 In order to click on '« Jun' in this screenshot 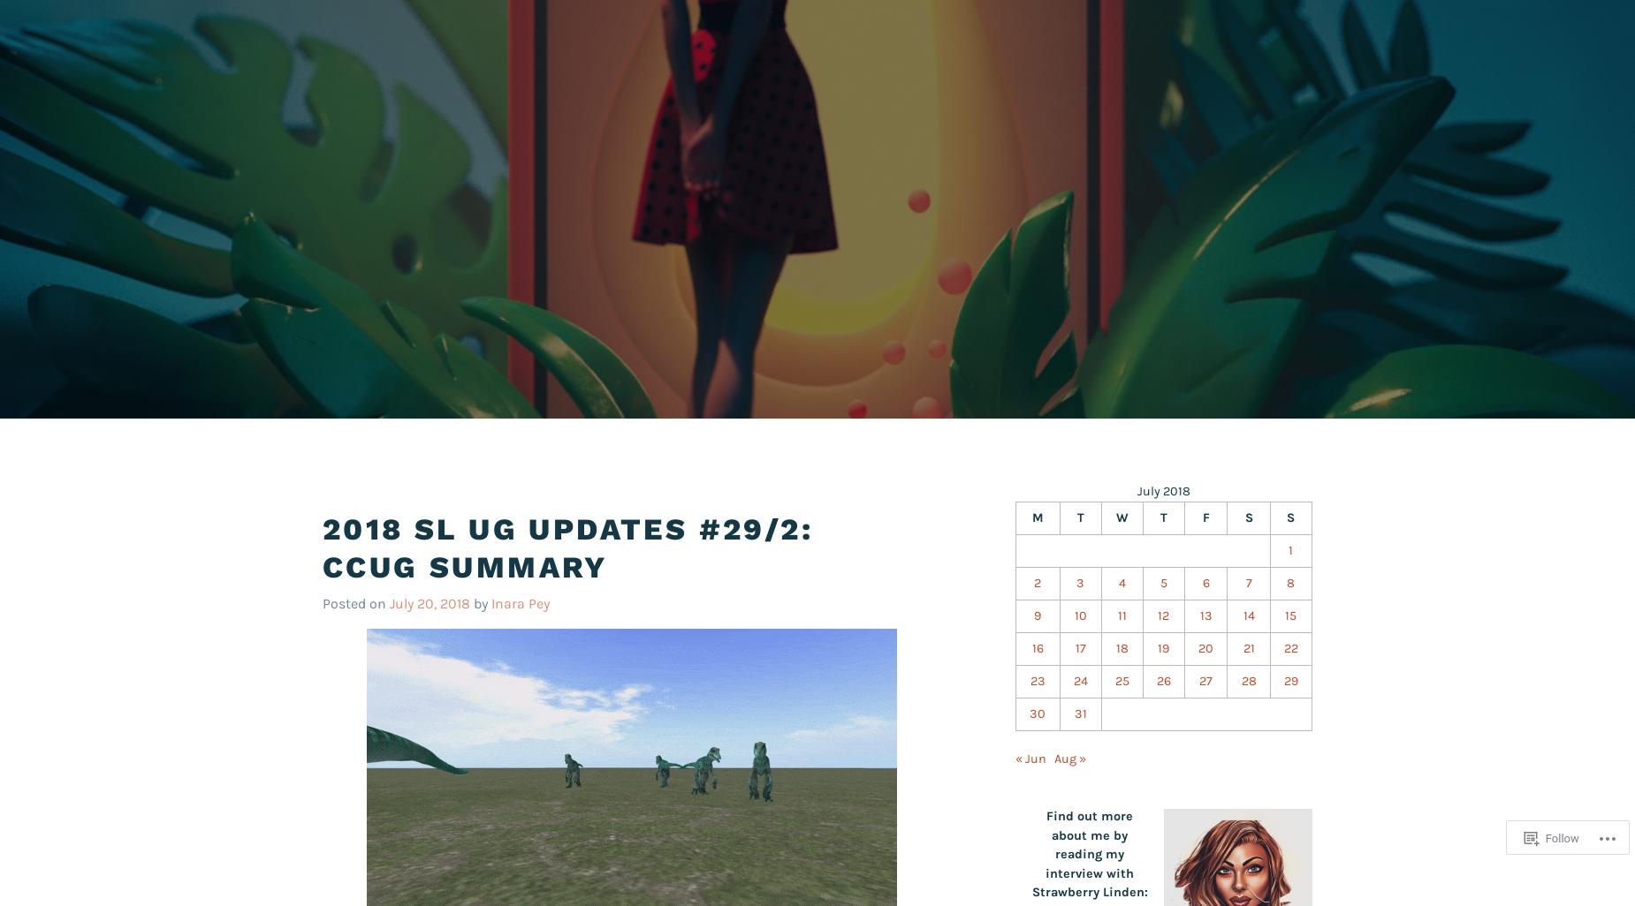, I will do `click(1030, 759)`.